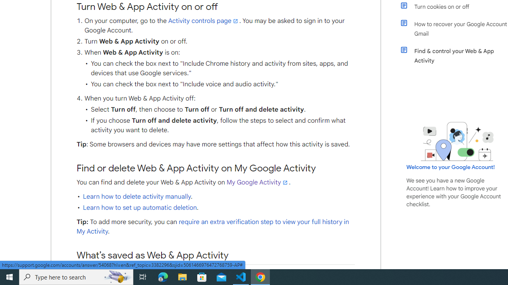 The height and width of the screenshot is (285, 508). Describe the element at coordinates (457, 141) in the screenshot. I see `'Learning Center home page image'` at that location.